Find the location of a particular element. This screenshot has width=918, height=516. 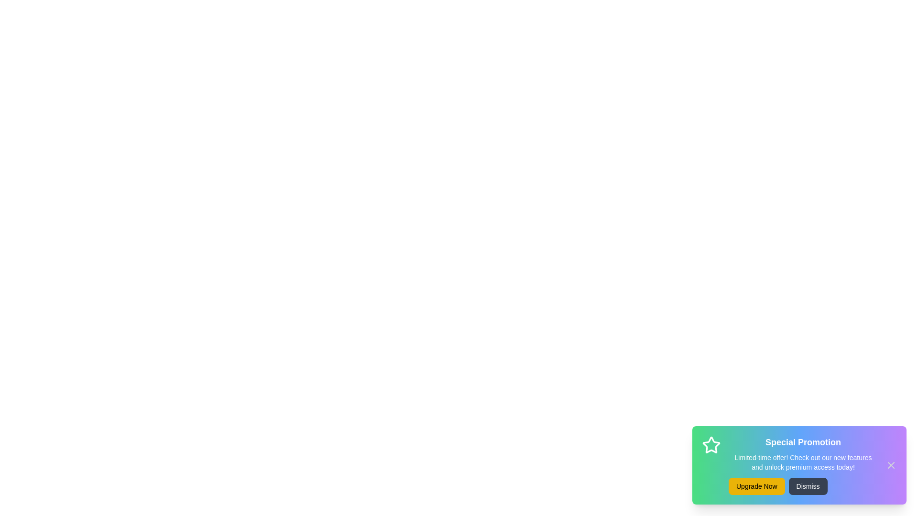

'Close' icon button to close the snackbar is located at coordinates (890, 465).